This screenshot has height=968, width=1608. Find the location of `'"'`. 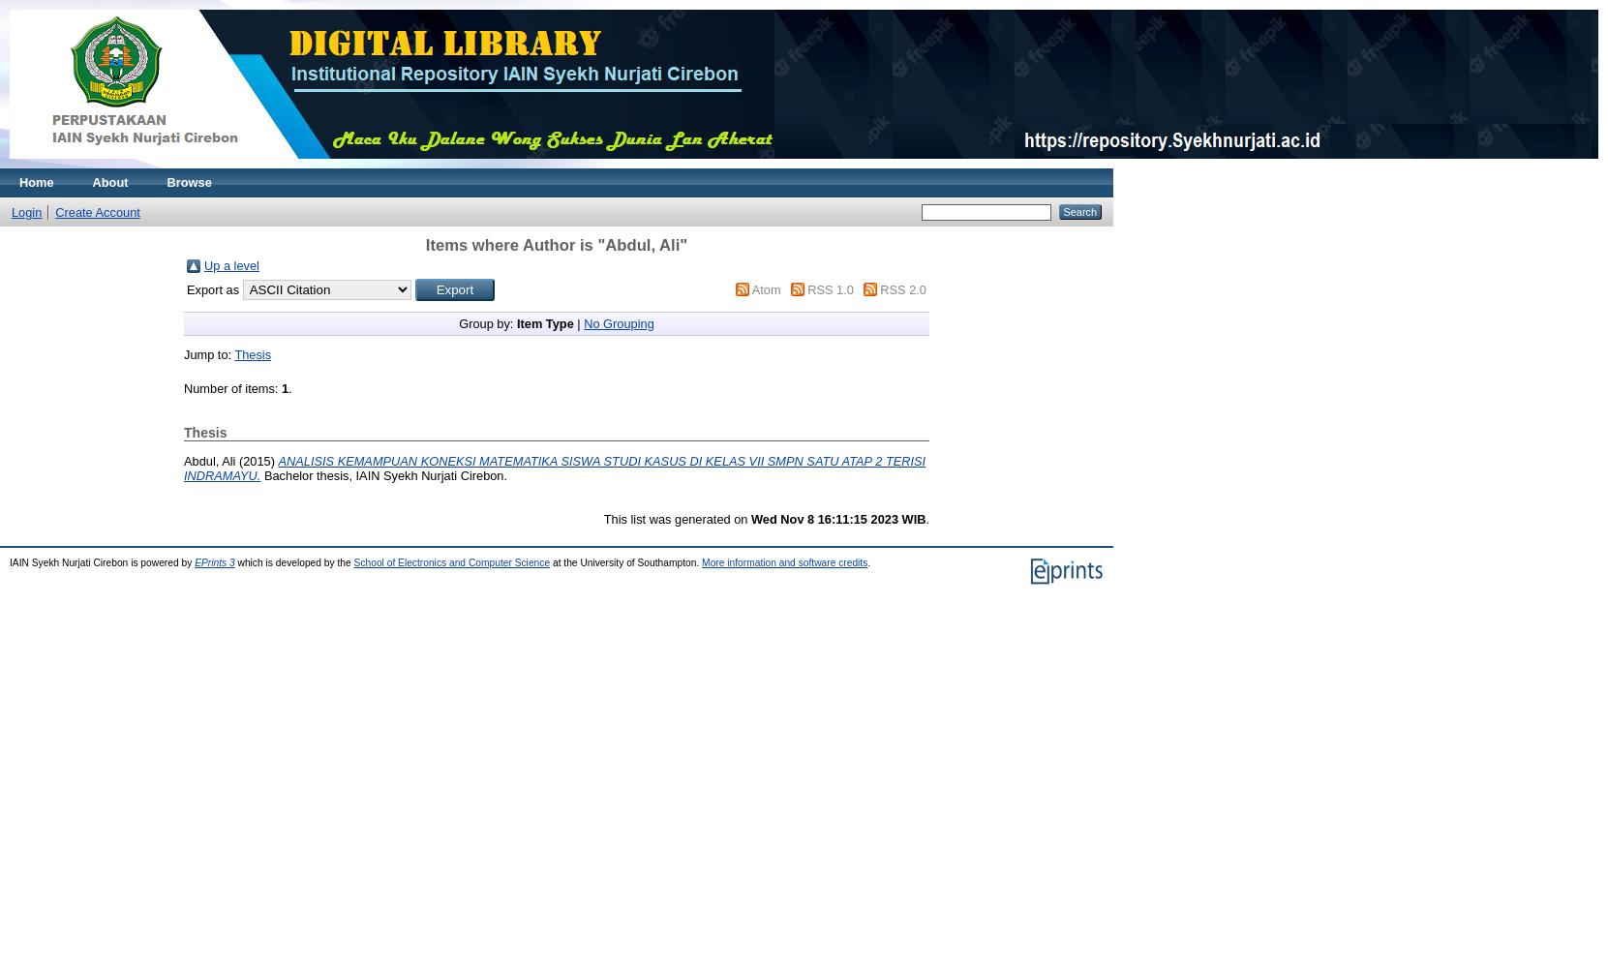

'"' is located at coordinates (683, 245).